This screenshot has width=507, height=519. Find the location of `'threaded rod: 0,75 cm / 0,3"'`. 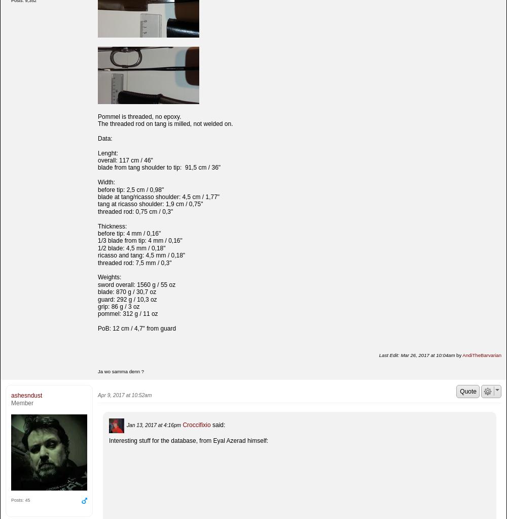

'threaded rod: 0,75 cm / 0,3"' is located at coordinates (135, 211).